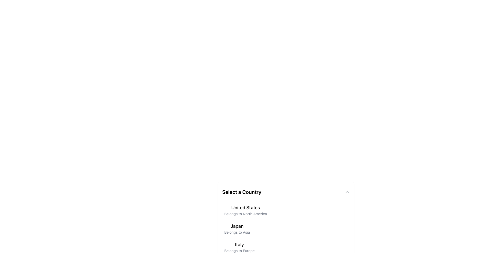 The height and width of the screenshot is (277, 493). Describe the element at coordinates (239, 244) in the screenshot. I see `the text element displaying 'Italy' which is styled in bold black font and is positioned above a lighter gray description text in a list of country names` at that location.